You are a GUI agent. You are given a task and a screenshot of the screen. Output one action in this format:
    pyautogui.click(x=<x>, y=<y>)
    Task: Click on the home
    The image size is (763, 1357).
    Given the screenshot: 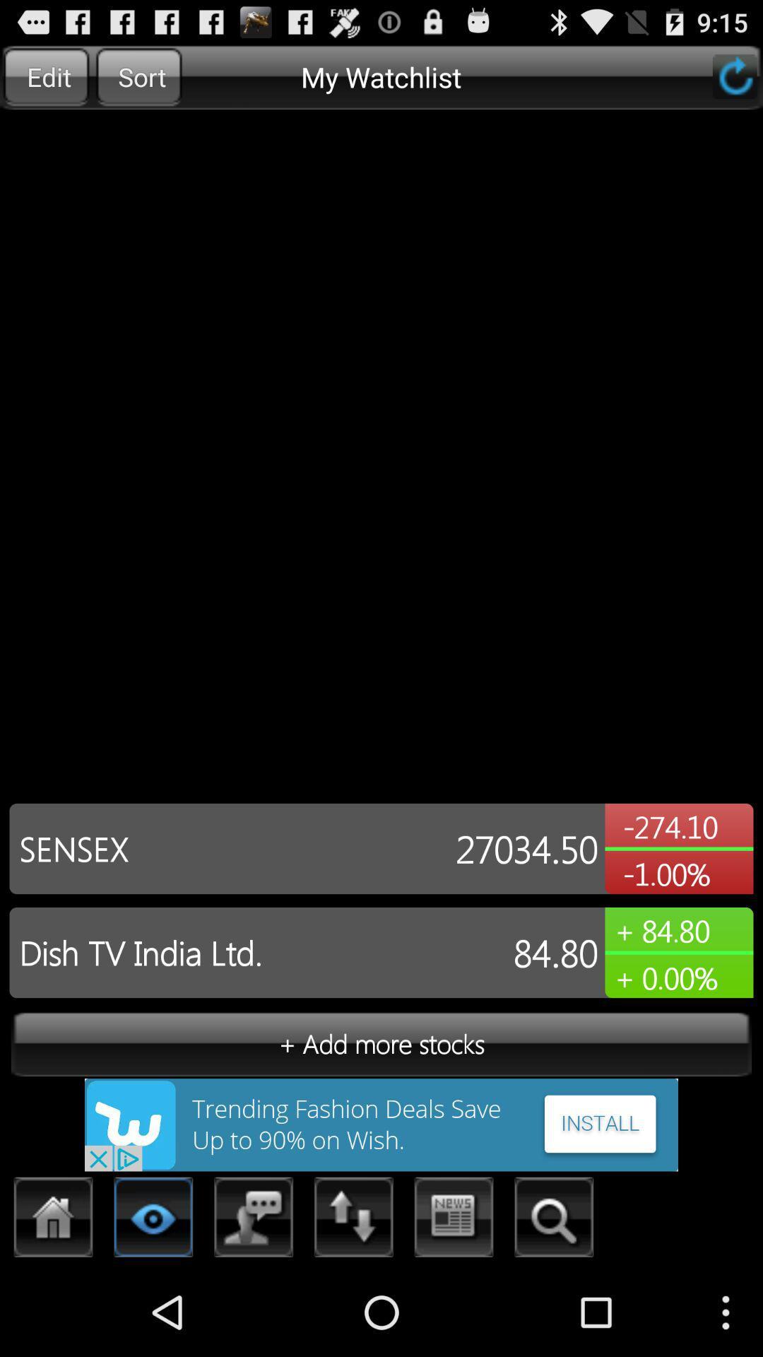 What is the action you would take?
    pyautogui.click(x=53, y=1221)
    